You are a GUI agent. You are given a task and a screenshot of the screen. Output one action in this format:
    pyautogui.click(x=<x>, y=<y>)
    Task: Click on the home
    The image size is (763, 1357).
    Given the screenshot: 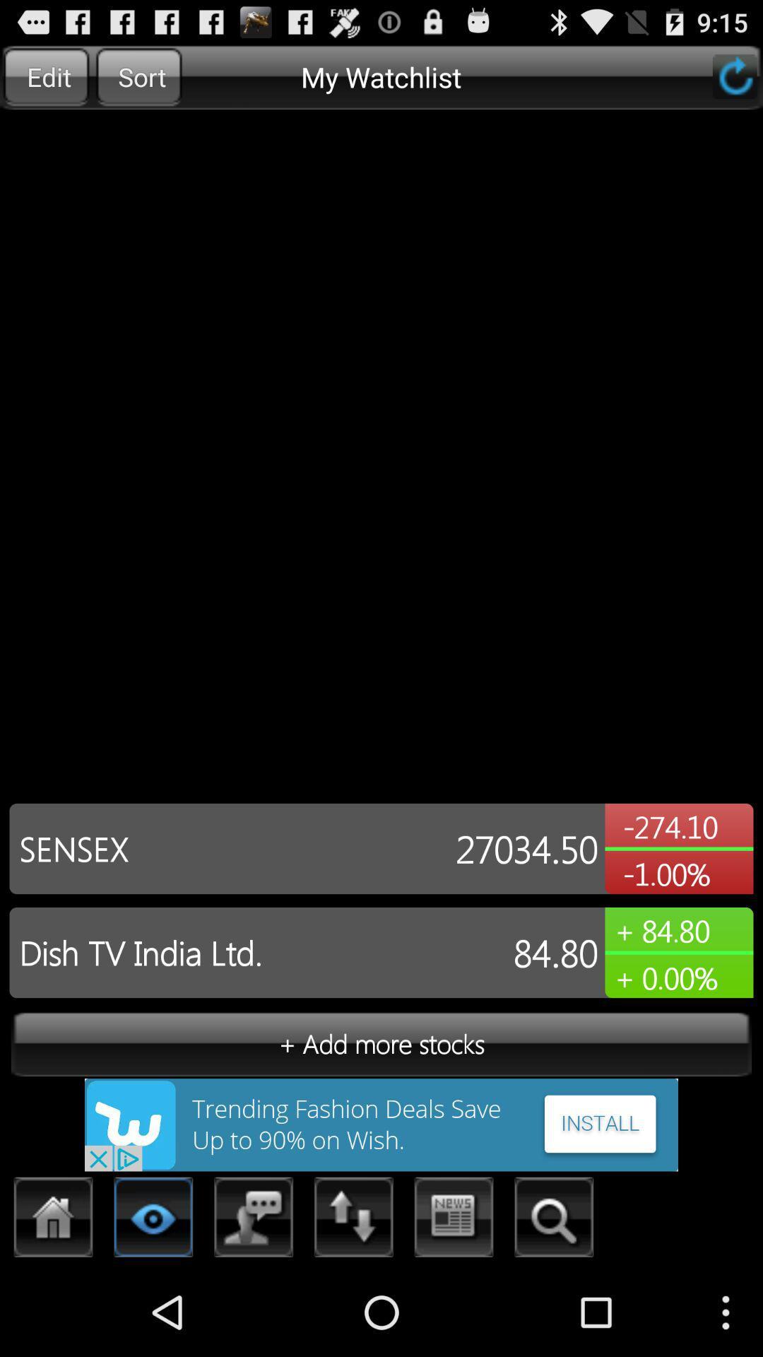 What is the action you would take?
    pyautogui.click(x=53, y=1221)
    